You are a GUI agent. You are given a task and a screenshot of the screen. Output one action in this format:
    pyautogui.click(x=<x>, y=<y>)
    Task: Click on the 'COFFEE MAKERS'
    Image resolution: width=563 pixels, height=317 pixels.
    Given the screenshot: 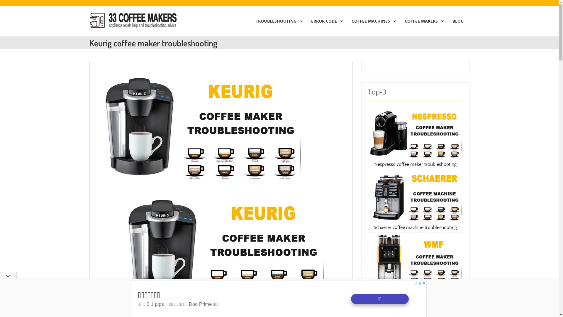 What is the action you would take?
    pyautogui.click(x=398, y=21)
    